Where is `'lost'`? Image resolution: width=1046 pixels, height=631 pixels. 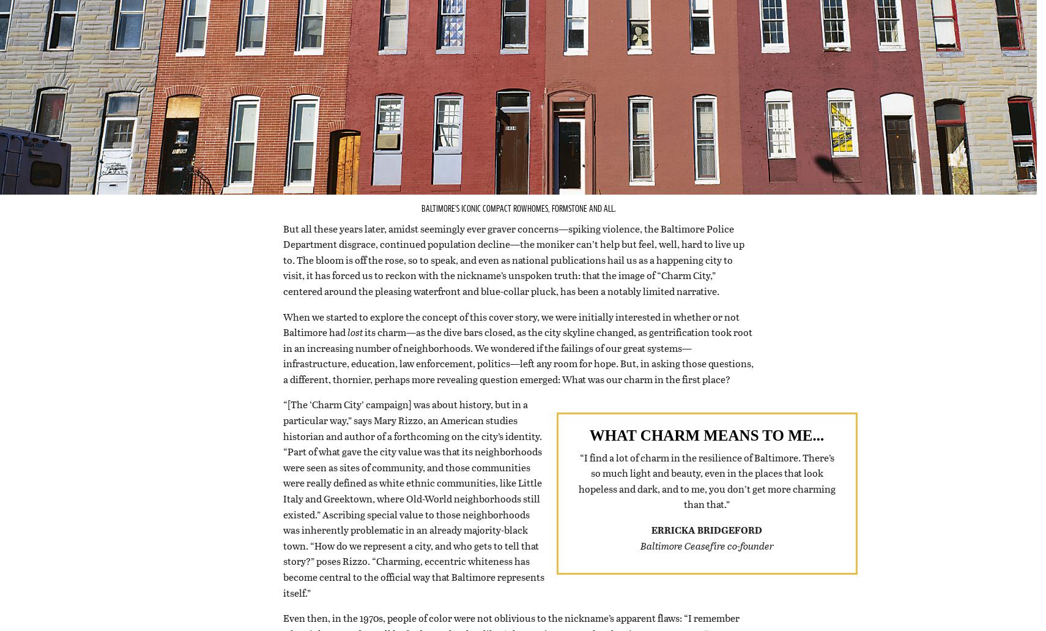 'lost' is located at coordinates (354, 346).